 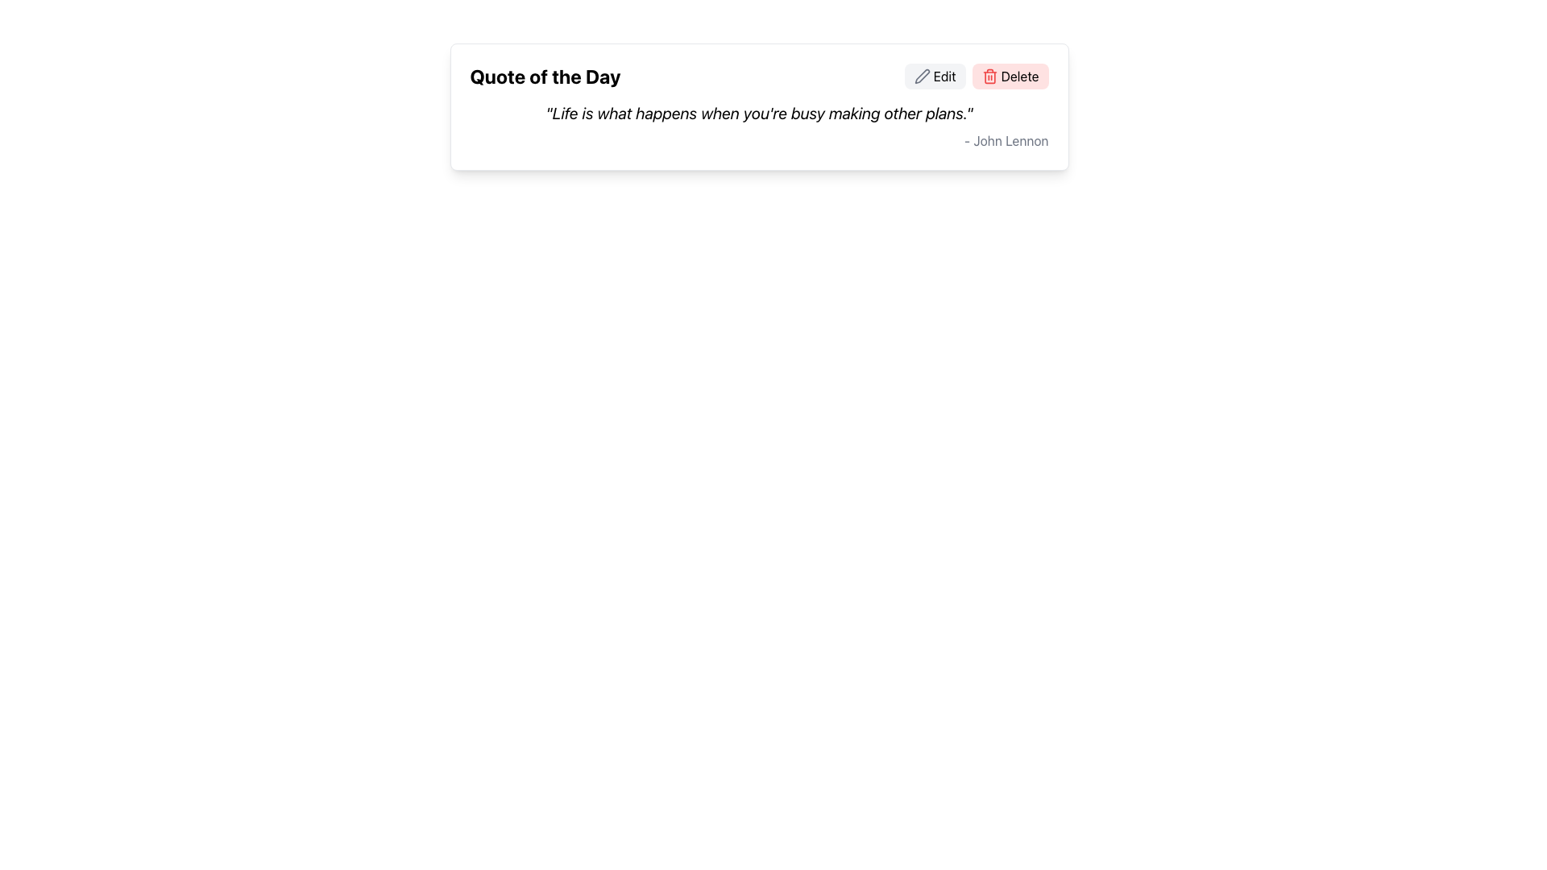 What do you see at coordinates (935, 77) in the screenshot?
I see `the edit button located at the top-right corner of the card component` at bounding box center [935, 77].